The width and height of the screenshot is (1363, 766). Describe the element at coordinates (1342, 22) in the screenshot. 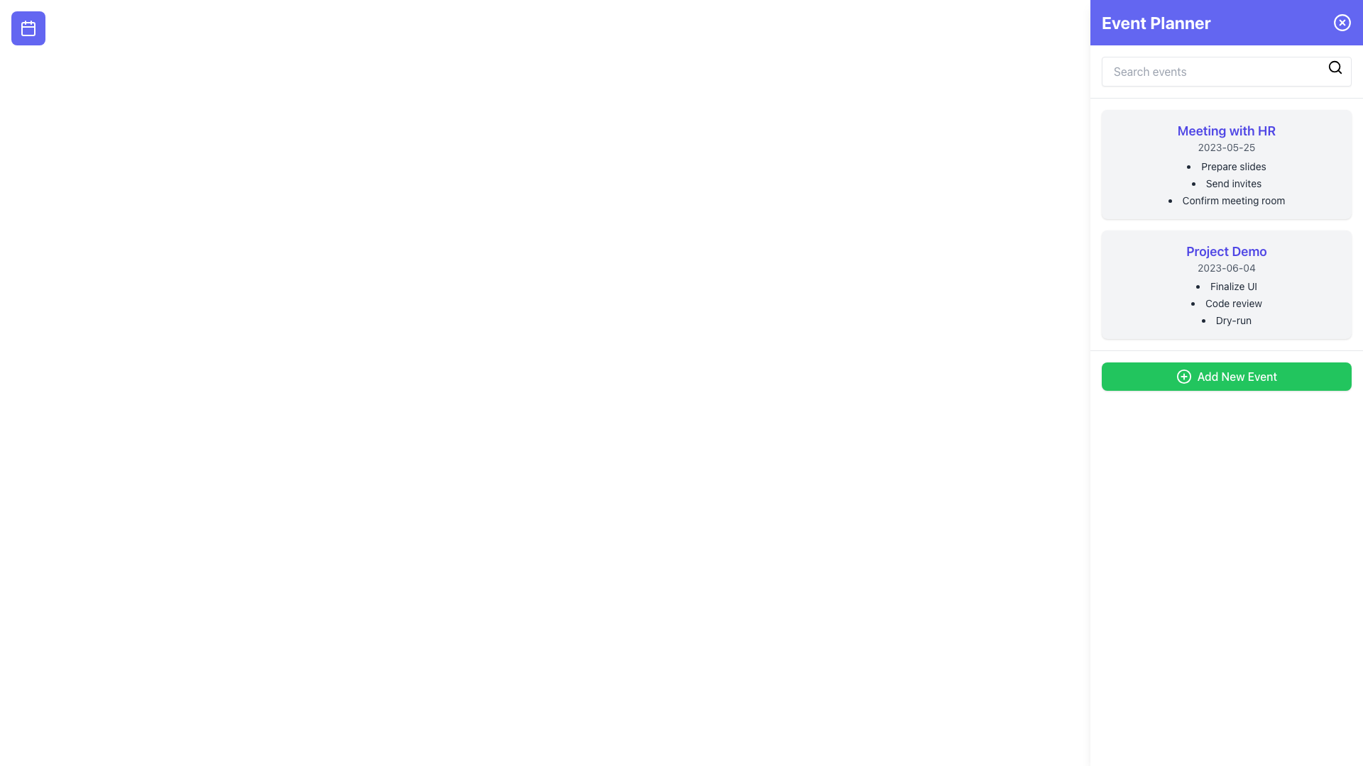

I see `the circular blue button with a red 'X' located in the top-right corner of the header bar` at that location.